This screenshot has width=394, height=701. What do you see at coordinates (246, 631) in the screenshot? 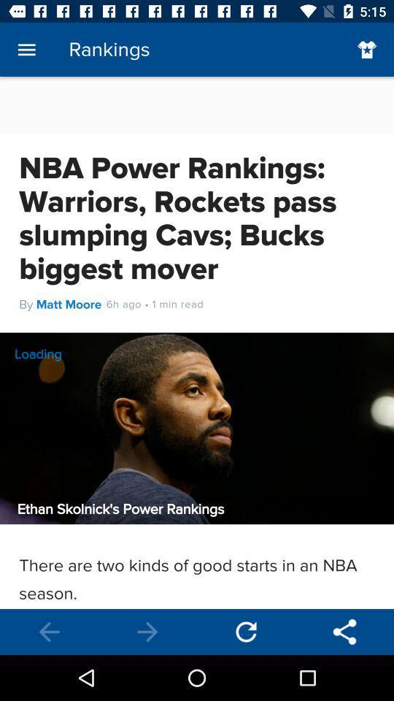
I see `refresh page` at bounding box center [246, 631].